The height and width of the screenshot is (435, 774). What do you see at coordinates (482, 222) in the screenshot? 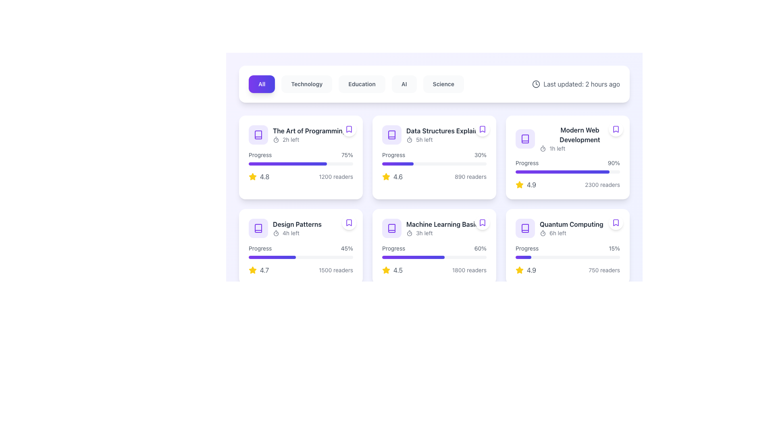
I see `the bookmark icon with a purple outline located at the top-right corner of the 'Machine Learning Basics' card` at bounding box center [482, 222].